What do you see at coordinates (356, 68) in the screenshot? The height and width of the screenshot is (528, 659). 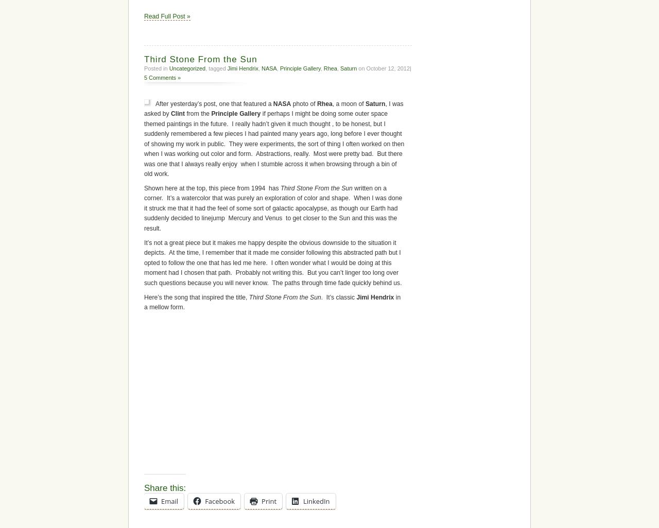 I see `'on October 12, 2012|'` at bounding box center [356, 68].